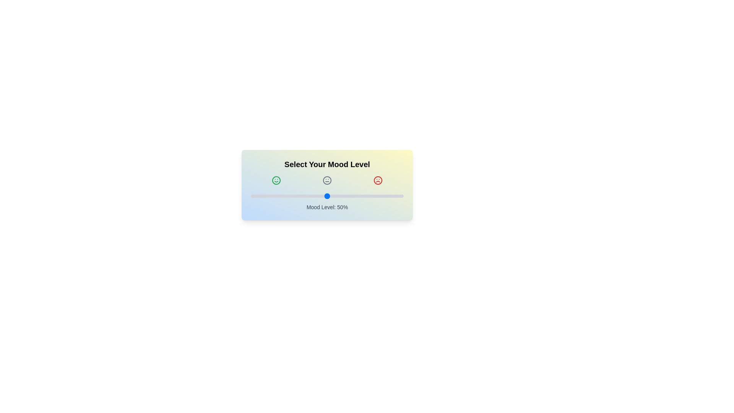 The width and height of the screenshot is (734, 413). I want to click on the red circular icon with a frowning face, so click(378, 180).